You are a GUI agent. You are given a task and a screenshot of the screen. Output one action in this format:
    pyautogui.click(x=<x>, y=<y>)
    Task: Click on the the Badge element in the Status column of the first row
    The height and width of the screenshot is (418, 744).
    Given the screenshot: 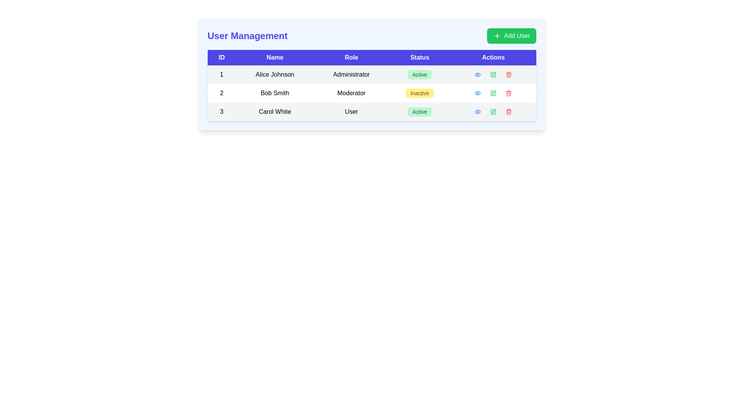 What is the action you would take?
    pyautogui.click(x=419, y=74)
    